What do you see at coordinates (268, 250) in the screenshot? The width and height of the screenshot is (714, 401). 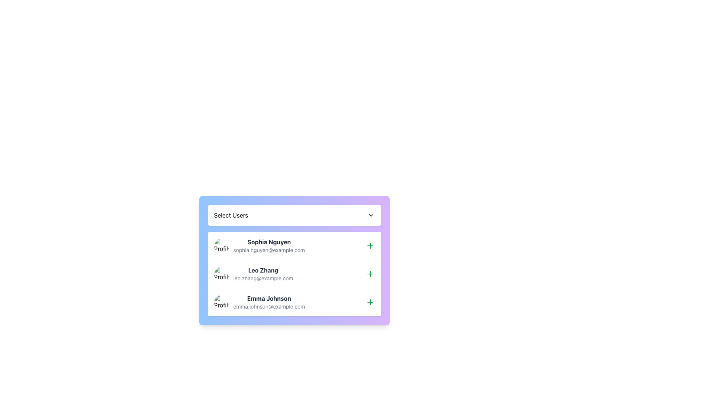 I see `the text display element showing the email 'sophia.nguyen@example.com', which is styled in a smaller font size and light gray color, located below the name 'Sophia Nguyen'` at bounding box center [268, 250].